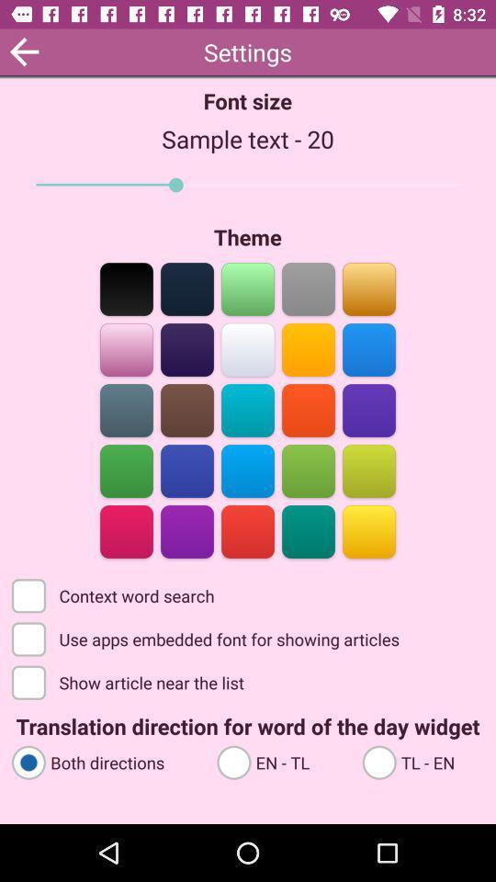 The width and height of the screenshot is (496, 882). What do you see at coordinates (207, 638) in the screenshot?
I see `use apps embedded item` at bounding box center [207, 638].